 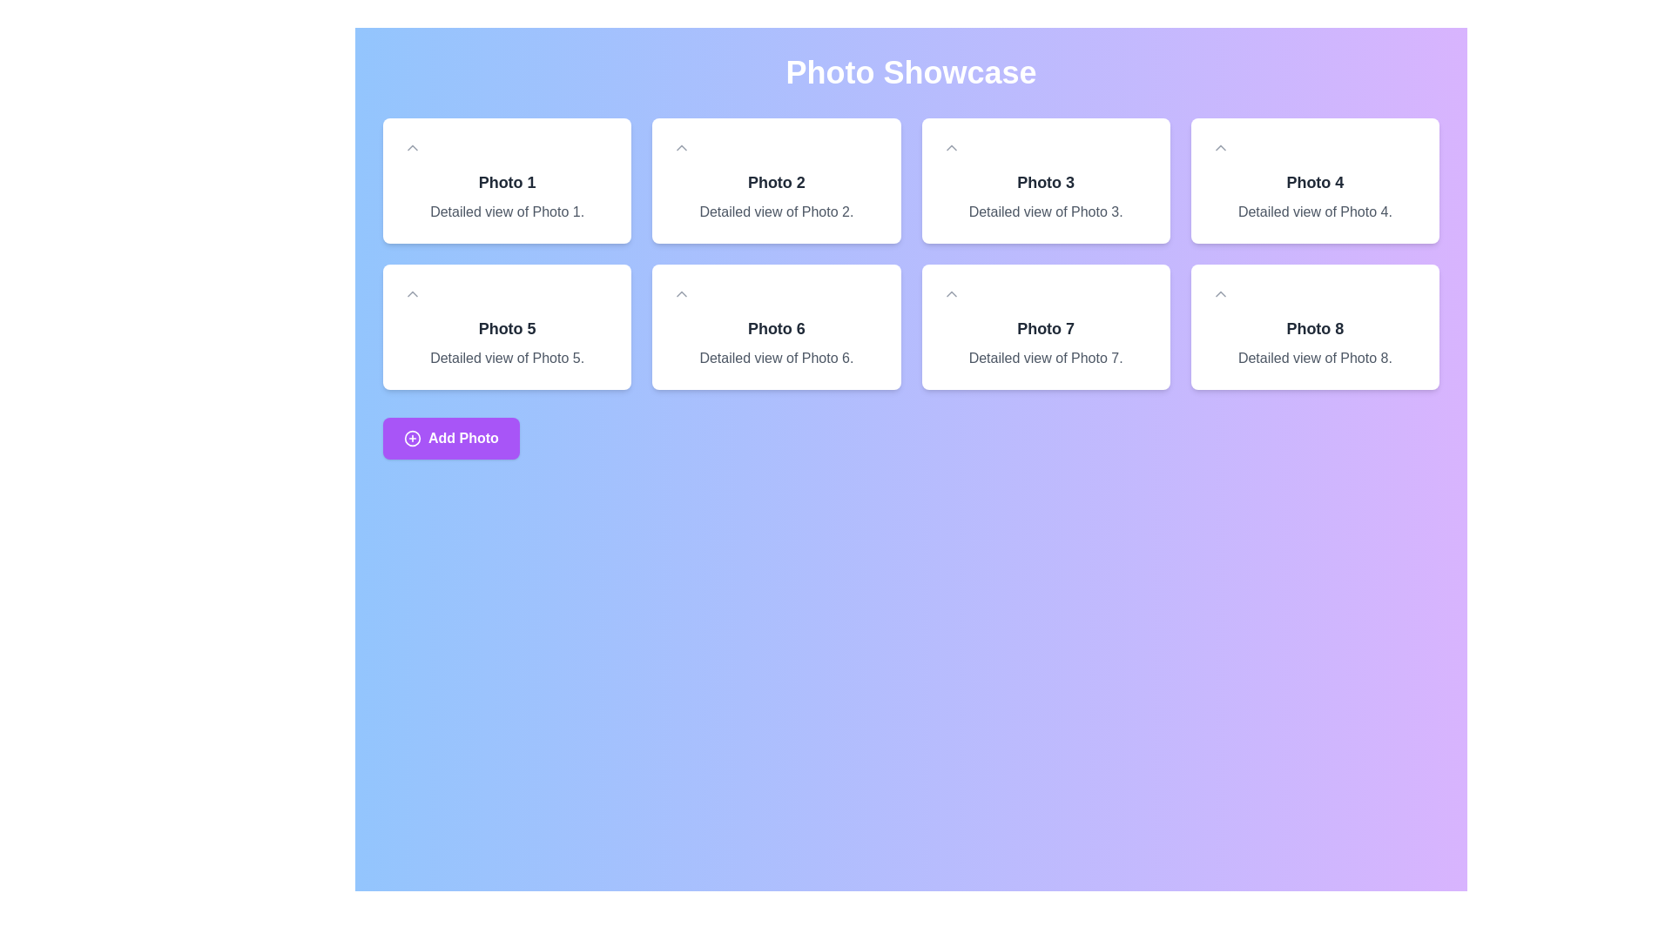 I want to click on text label that serves as the title for the content of the card, located in the lower-right corner of the interface, specifically in the last card on the second row of a grid layout, so click(x=1315, y=329).